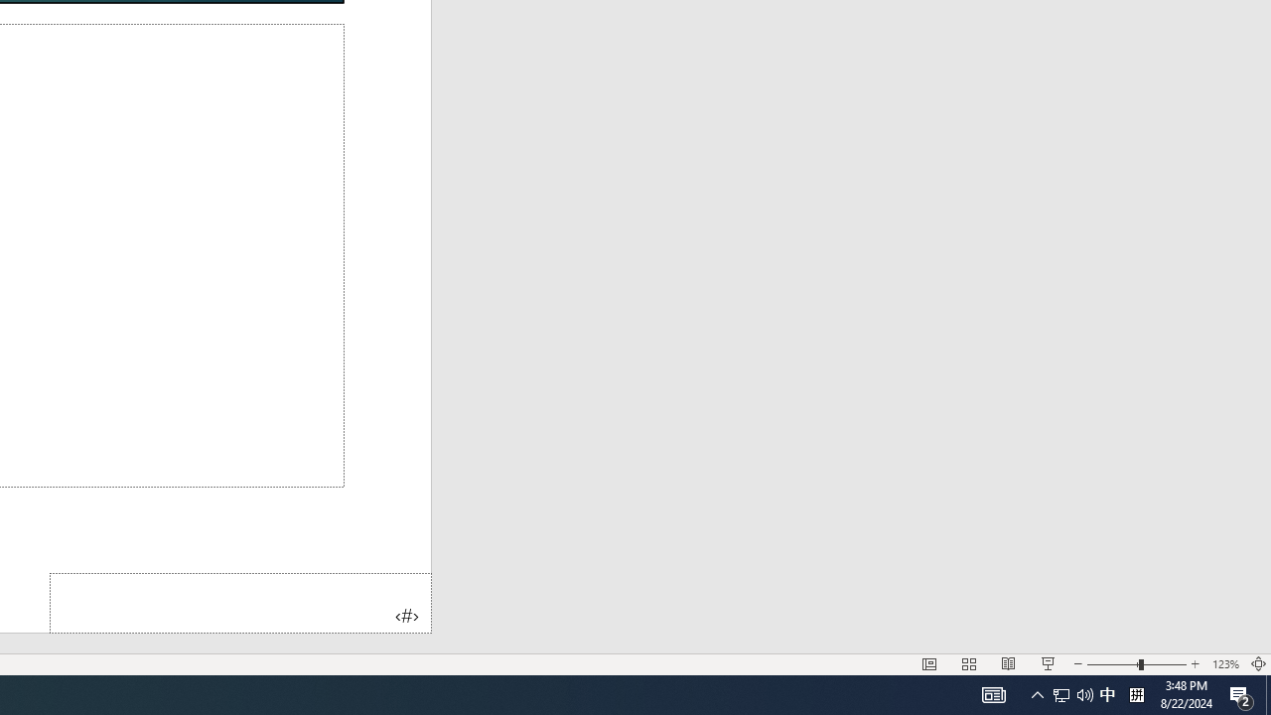 This screenshot has height=715, width=1271. I want to click on 'Page Number', so click(239, 602).